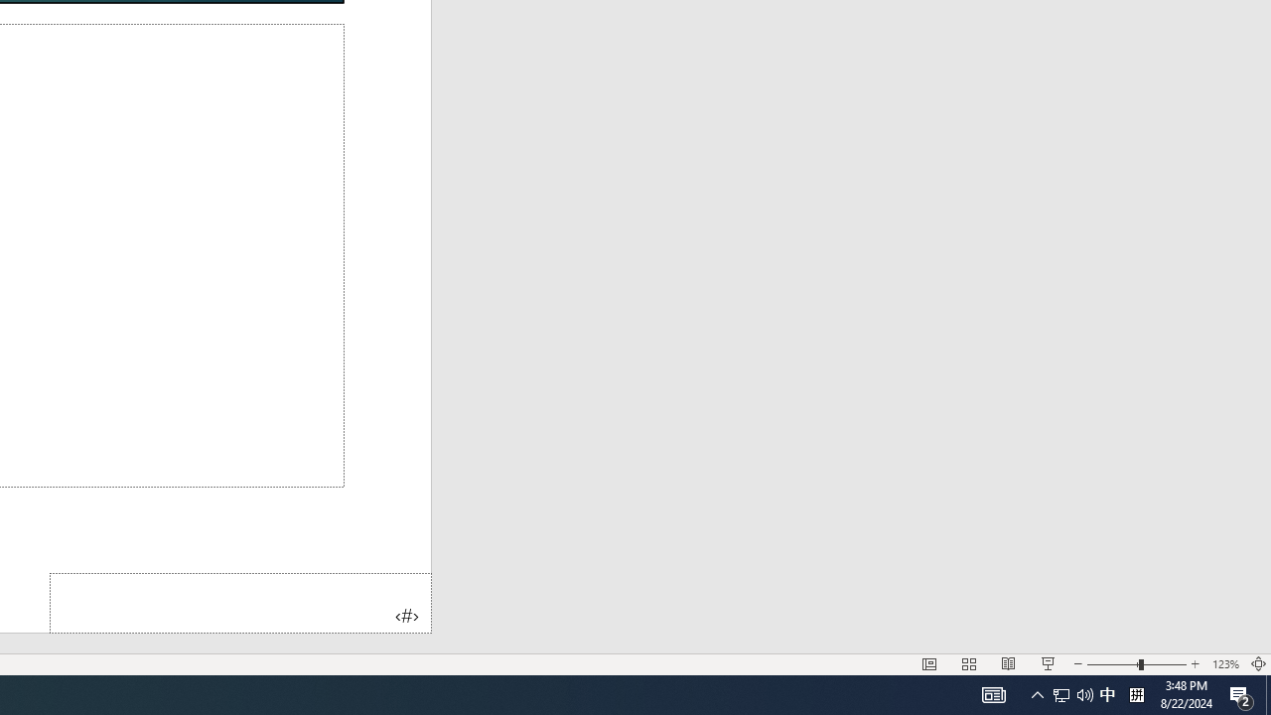 This screenshot has height=715, width=1271. I want to click on 'Page Number', so click(239, 602).